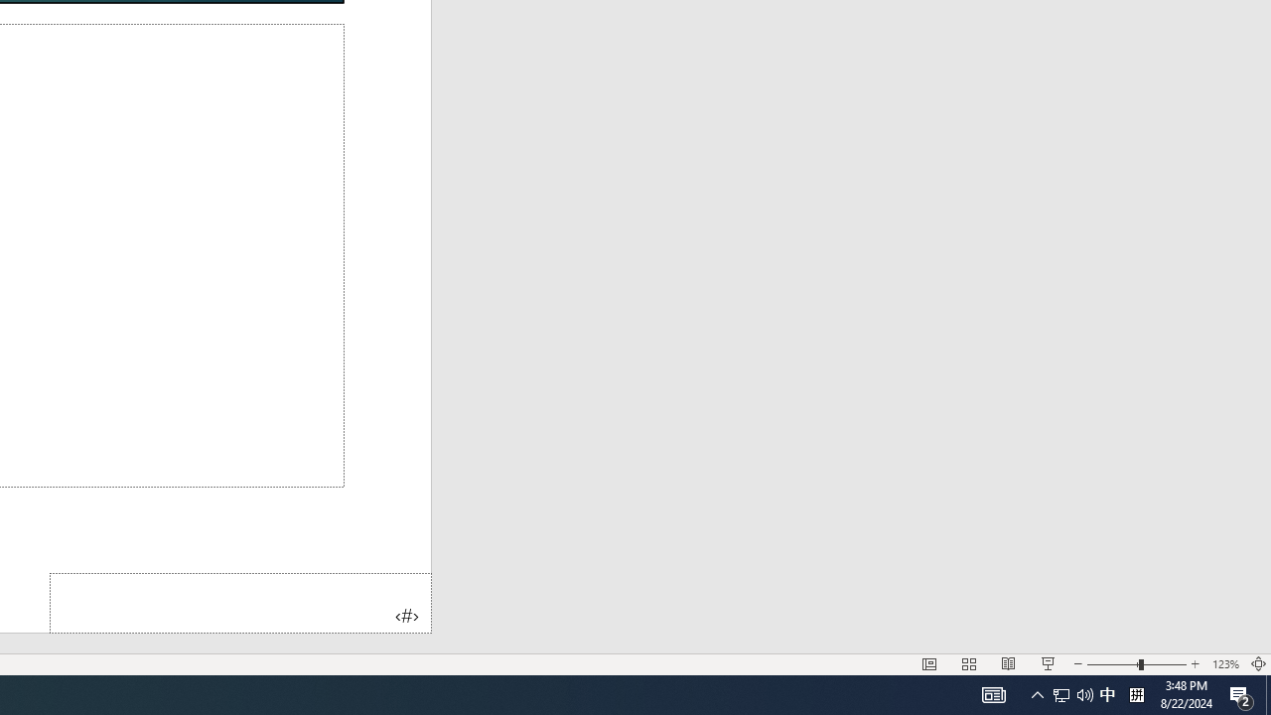 This screenshot has height=715, width=1271. I want to click on 'Page Number', so click(239, 602).